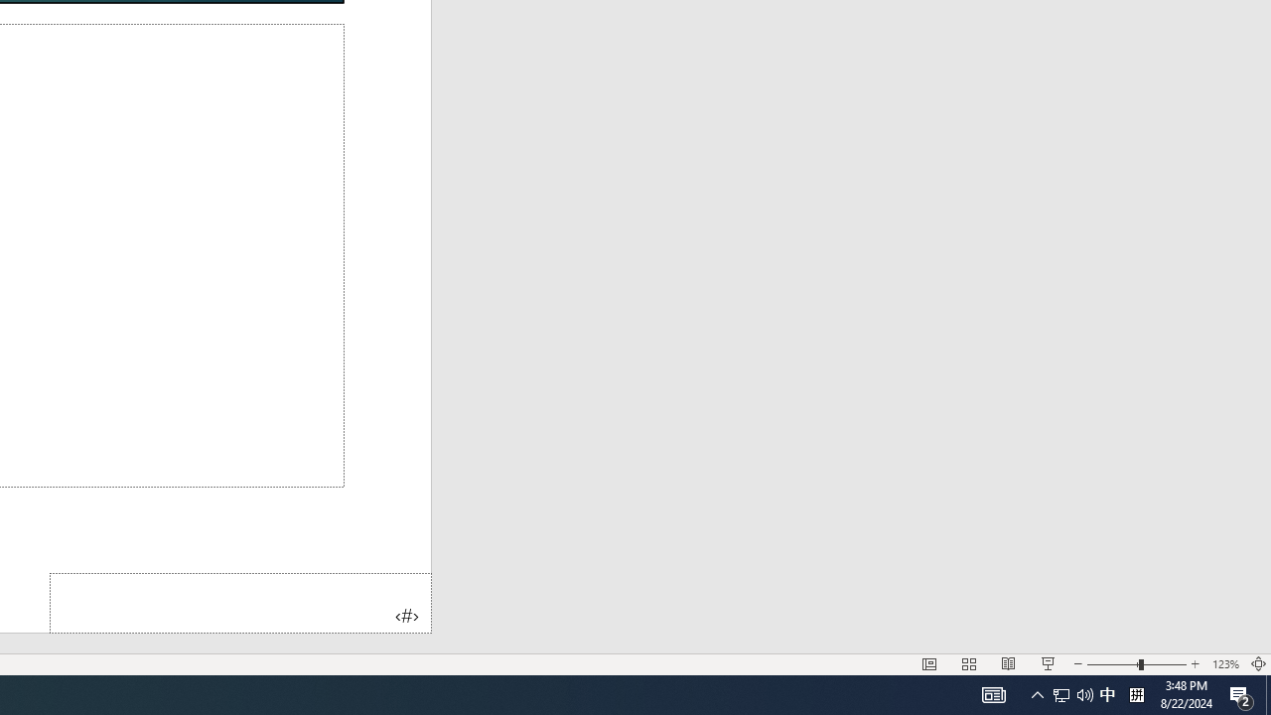 This screenshot has height=715, width=1271. I want to click on 'Page Number', so click(239, 602).